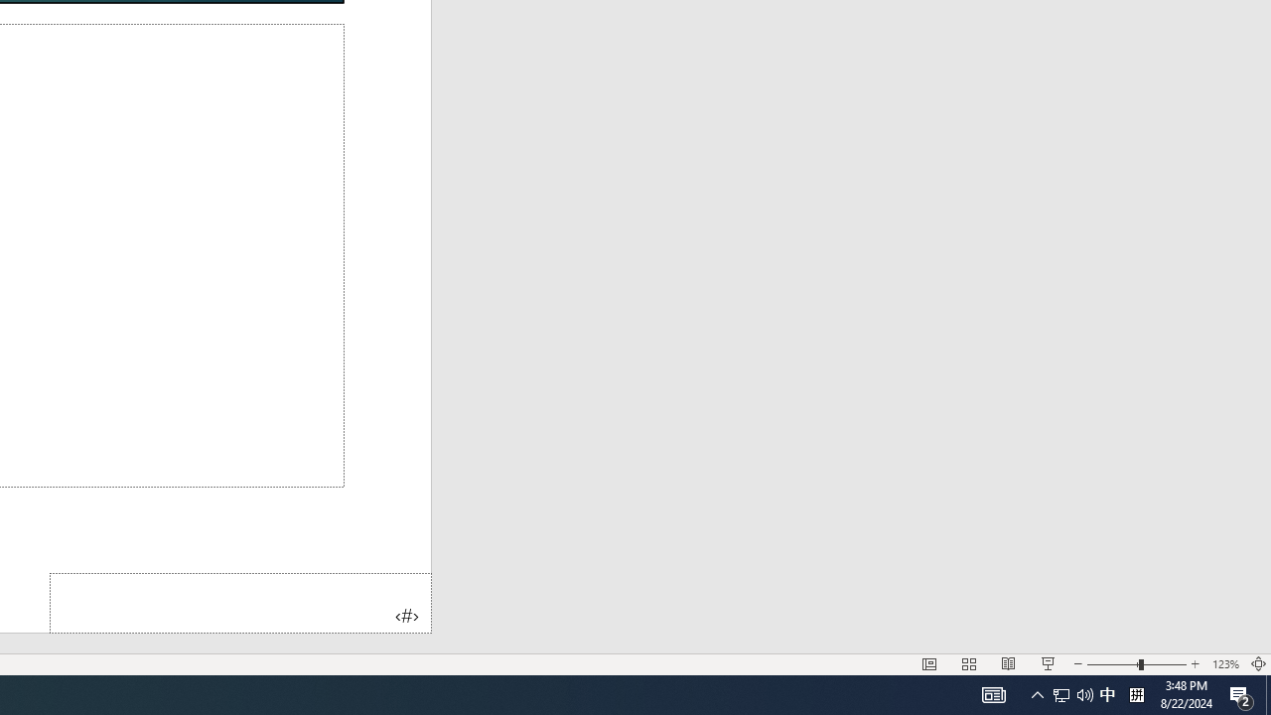 This screenshot has height=715, width=1271. I want to click on 'Page Number', so click(239, 602).